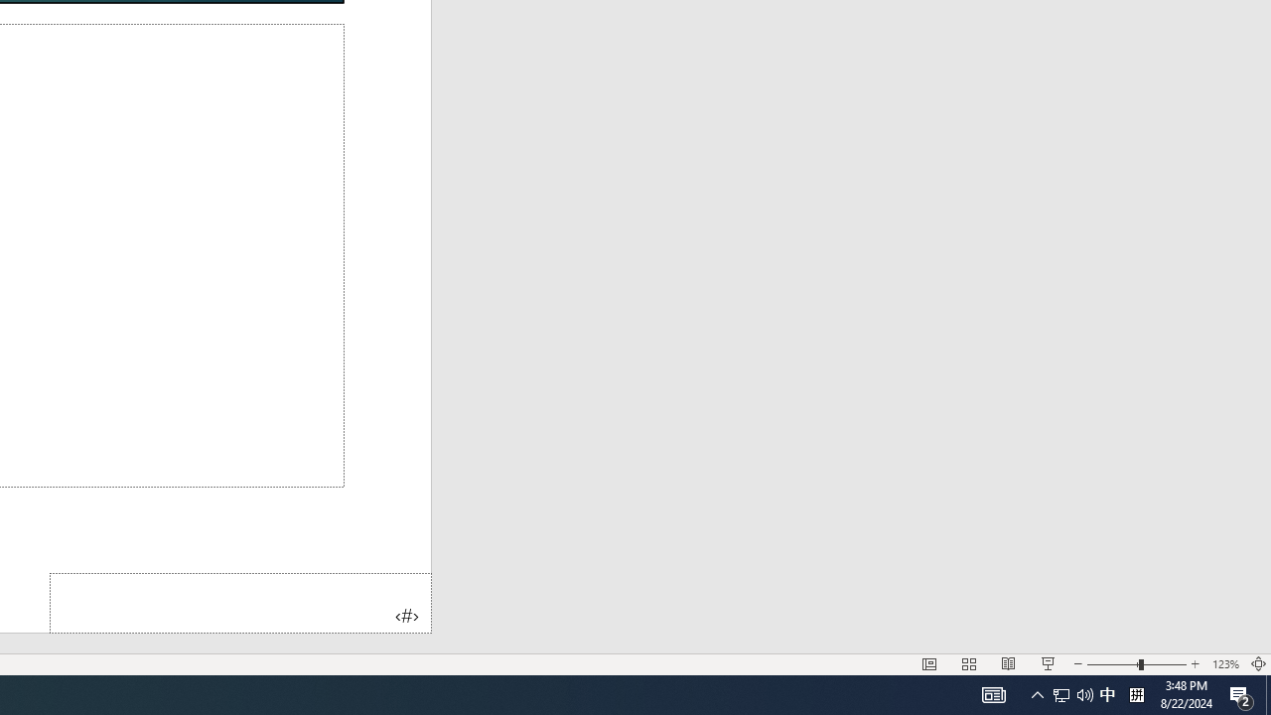 This screenshot has height=715, width=1271. I want to click on 'Page Number', so click(239, 602).